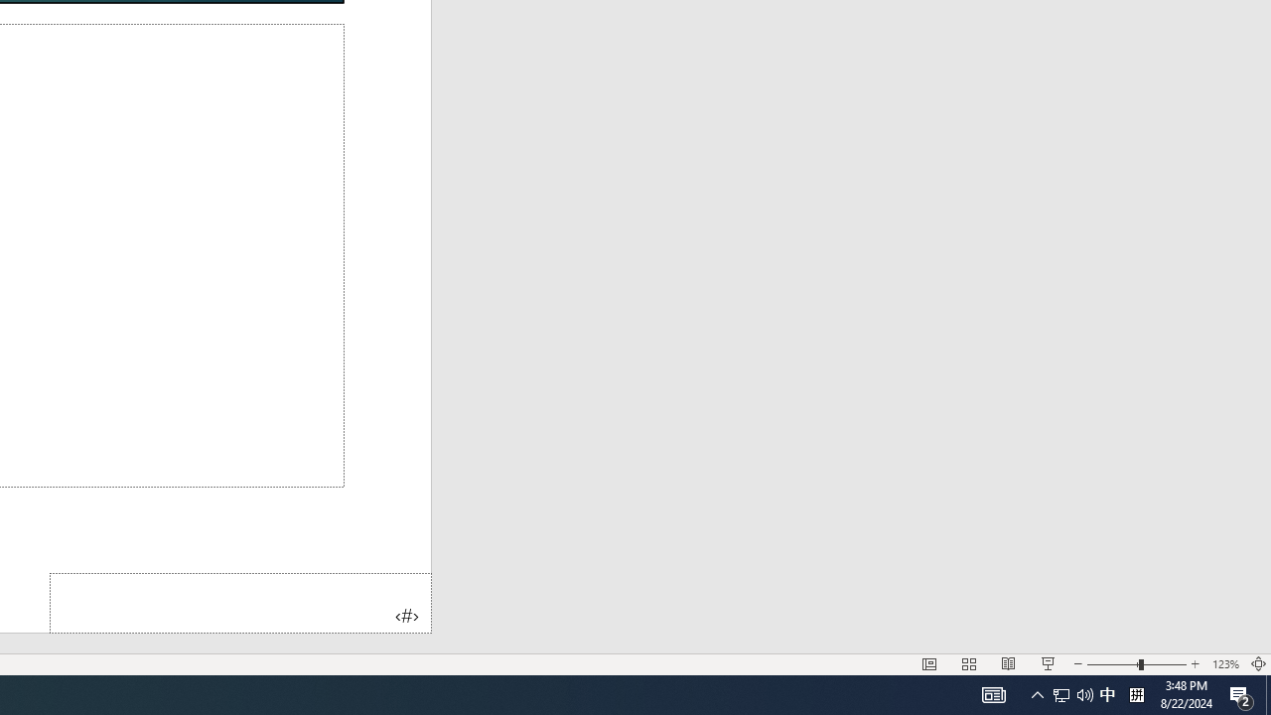 This screenshot has height=715, width=1271. I want to click on 'Page Number', so click(239, 602).